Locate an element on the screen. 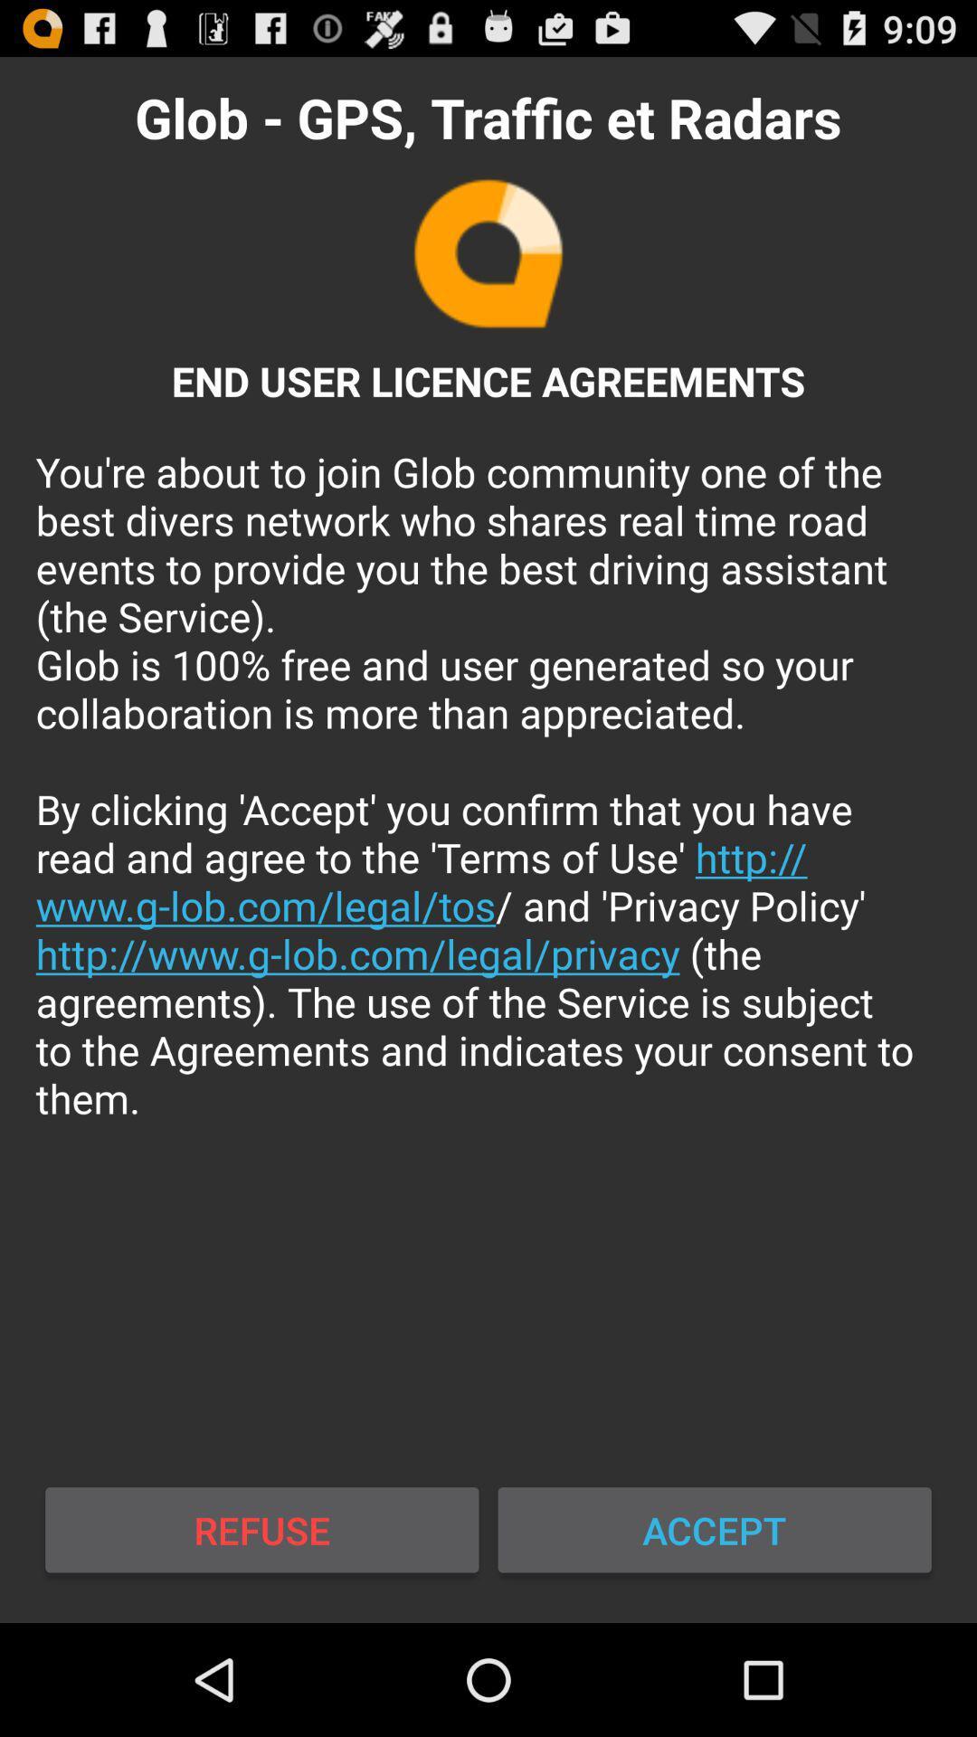 This screenshot has height=1737, width=977. the item above the refuse button is located at coordinates (488, 784).